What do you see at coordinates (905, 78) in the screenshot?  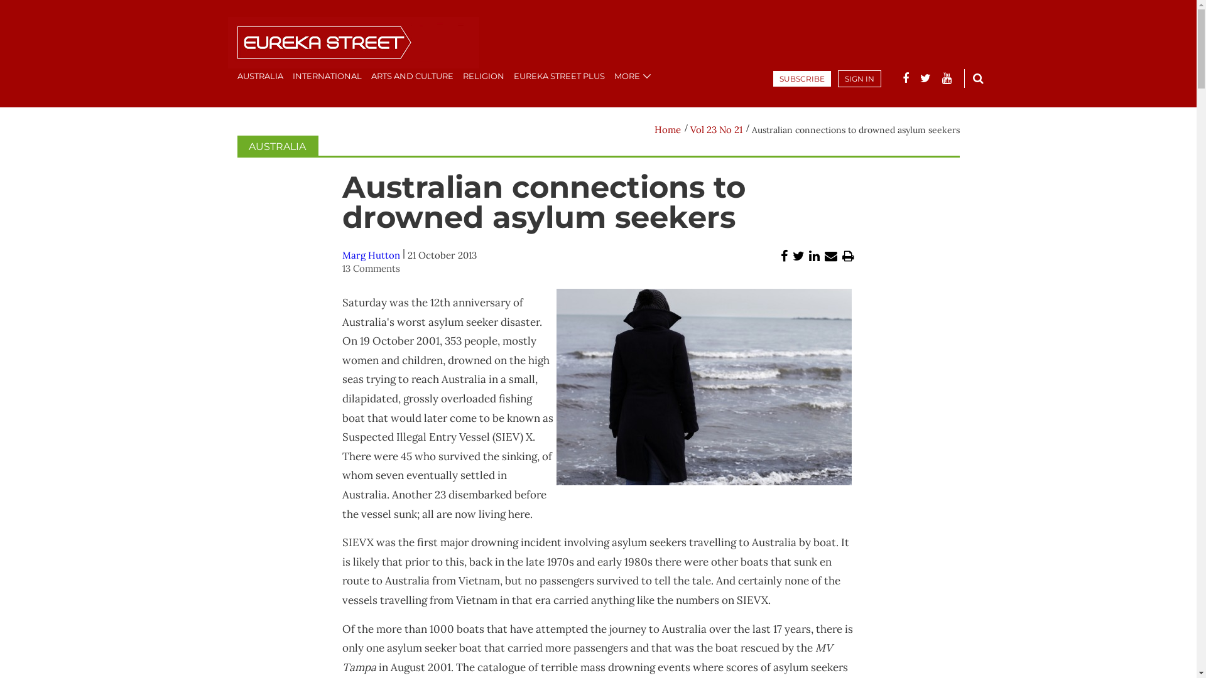 I see `'Facebook'` at bounding box center [905, 78].